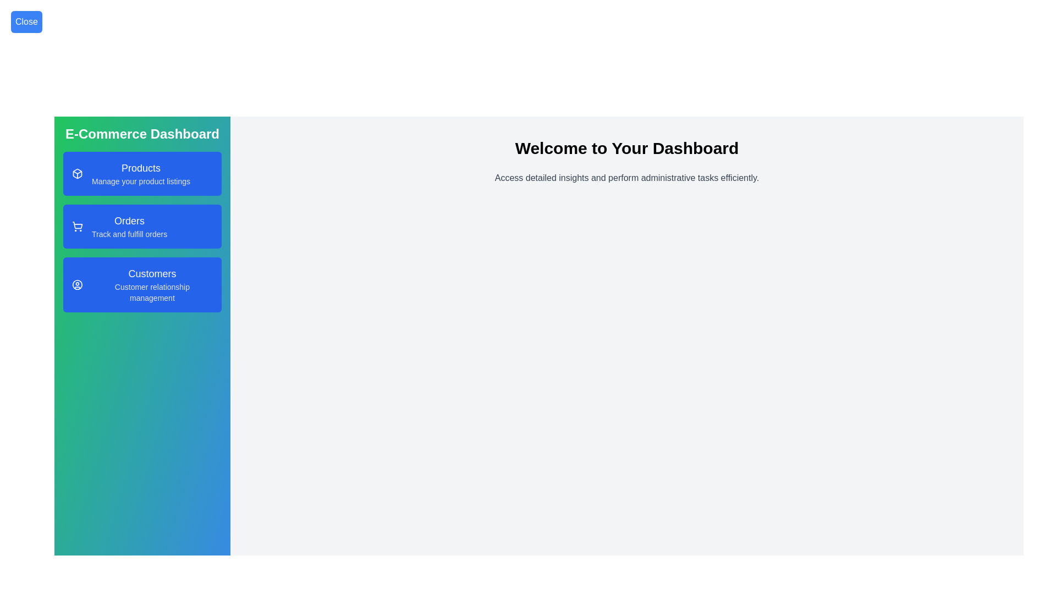 The image size is (1056, 594). Describe the element at coordinates (142, 284) in the screenshot. I see `the sidebar item labeled 'Customers' to observe interaction feedback` at that location.